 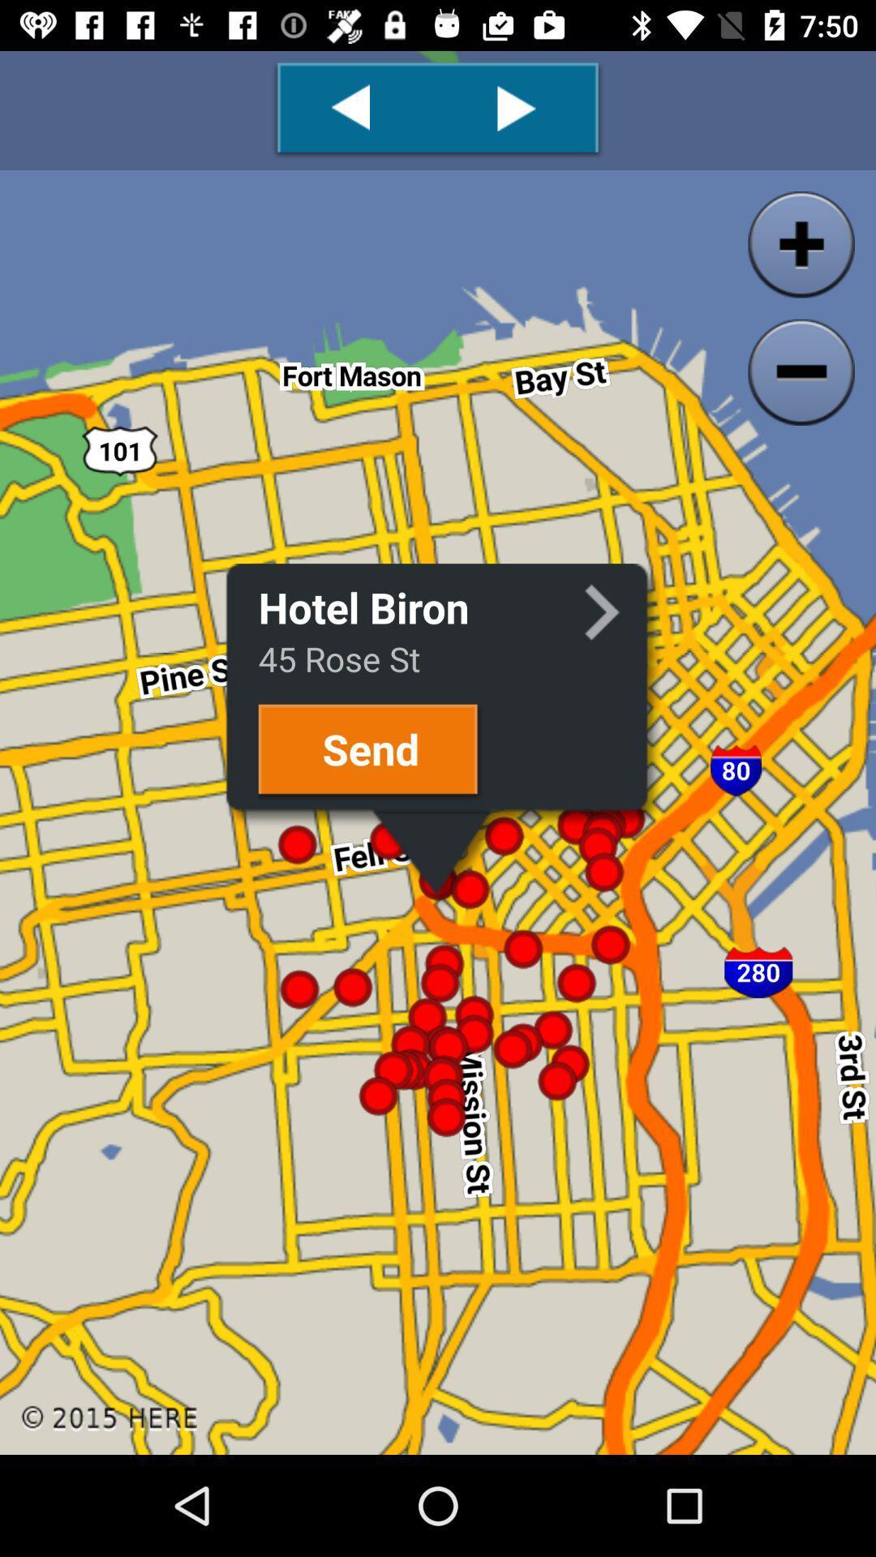 What do you see at coordinates (801, 243) in the screenshot?
I see `the add icon` at bounding box center [801, 243].